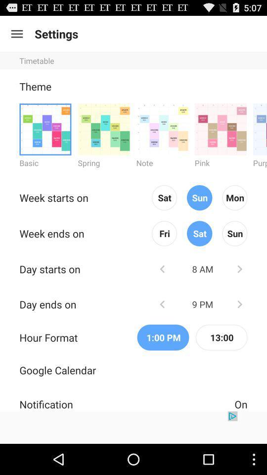  Describe the element at coordinates (162, 303) in the screenshot. I see `previous` at that location.